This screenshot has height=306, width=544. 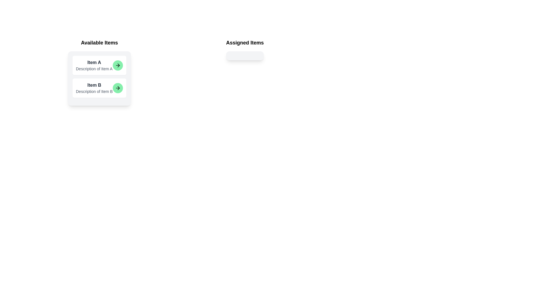 I want to click on move button next to the item Item A in the Available Items list, so click(x=117, y=65).